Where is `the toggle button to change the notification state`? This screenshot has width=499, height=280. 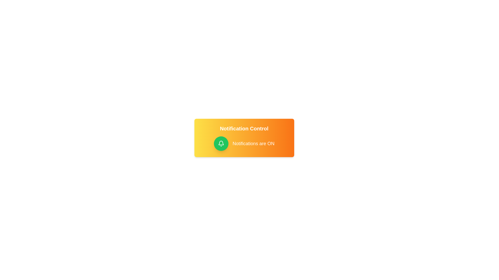
the toggle button to change the notification state is located at coordinates (221, 144).